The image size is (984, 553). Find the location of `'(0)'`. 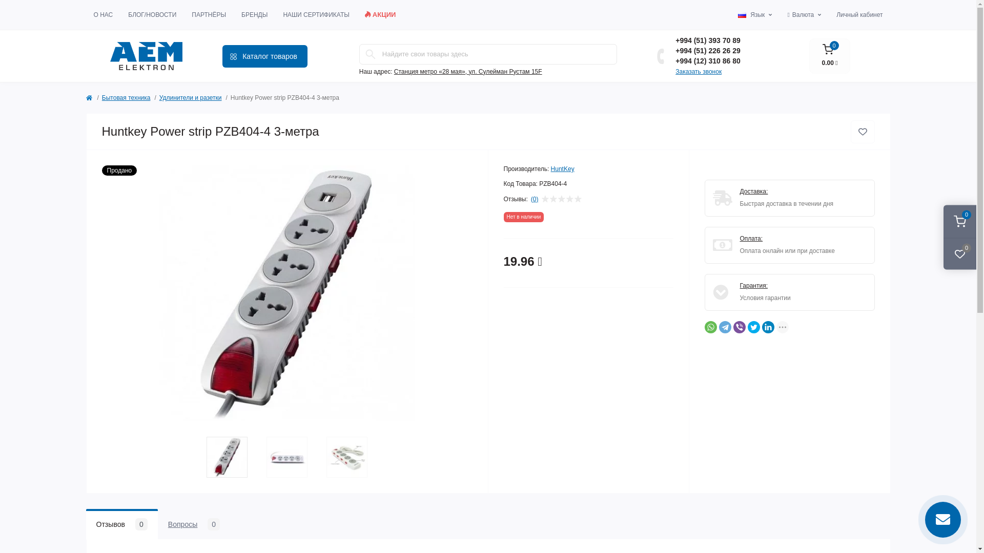

'(0)' is located at coordinates (534, 199).